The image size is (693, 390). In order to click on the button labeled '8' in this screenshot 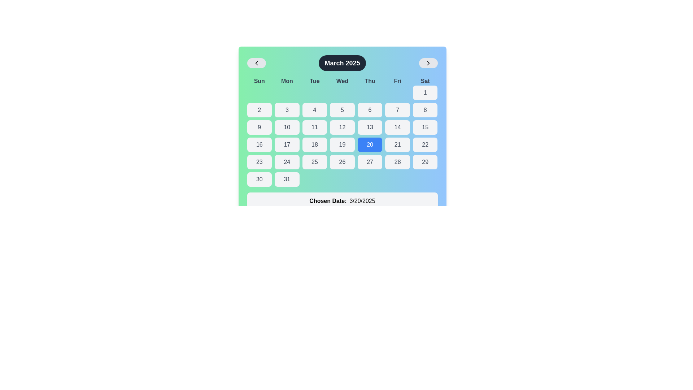, I will do `click(425, 110)`.